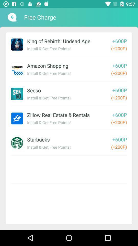 The width and height of the screenshot is (138, 246). Describe the element at coordinates (11, 17) in the screenshot. I see `go back` at that location.